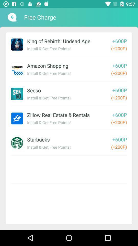 The width and height of the screenshot is (138, 246). Describe the element at coordinates (11, 17) in the screenshot. I see `go back` at that location.